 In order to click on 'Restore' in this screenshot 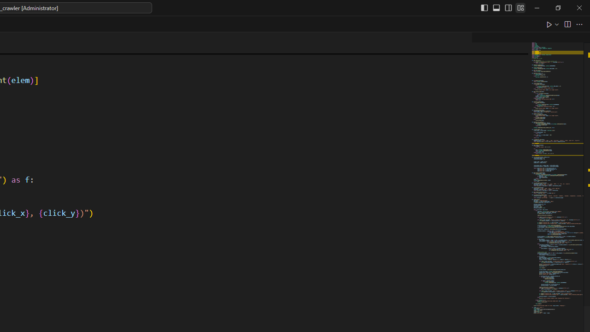, I will do `click(557, 7)`.